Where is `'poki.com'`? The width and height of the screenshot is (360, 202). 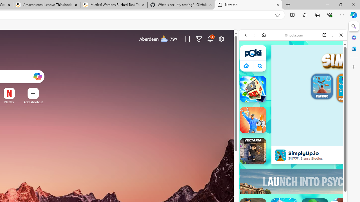 'poki.com' is located at coordinates (294, 35).